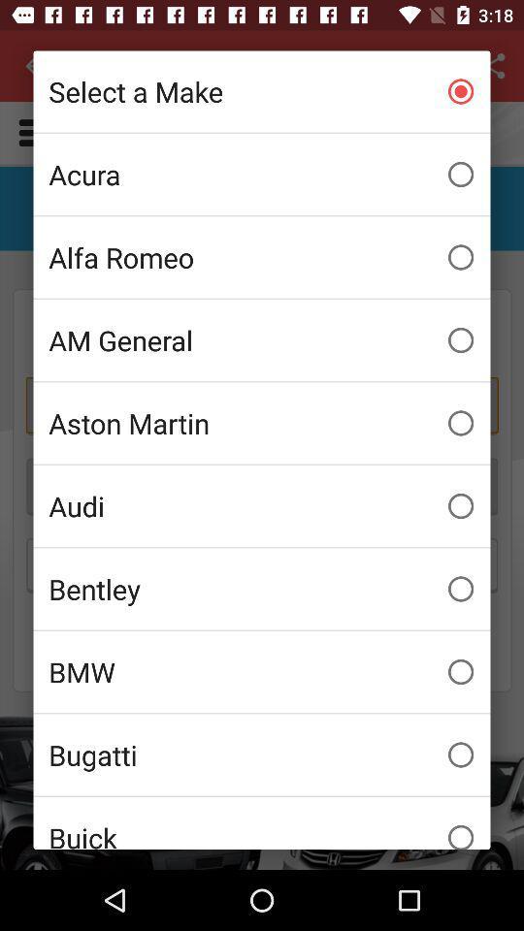 The width and height of the screenshot is (524, 931). I want to click on the alfa romeo icon, so click(262, 256).